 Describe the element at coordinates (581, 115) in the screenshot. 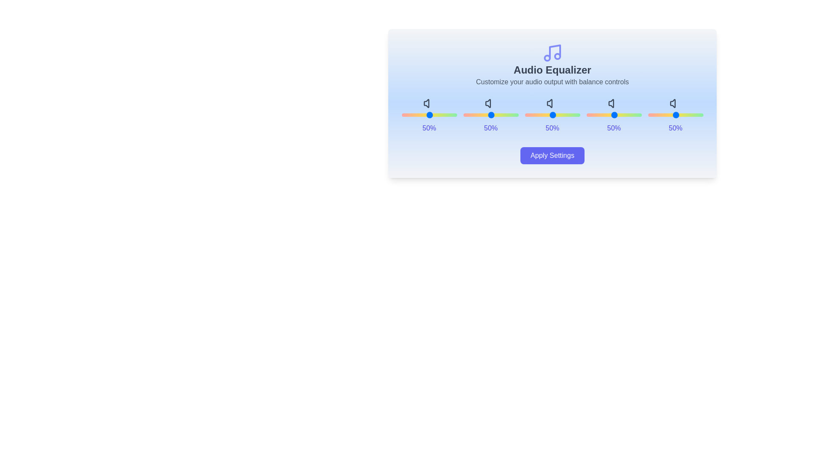

I see `the slider for band 2 to 67%` at that location.